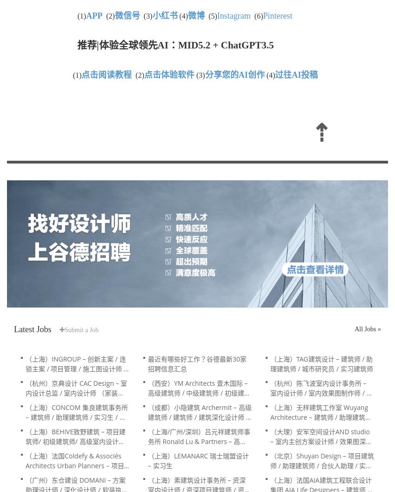  What do you see at coordinates (234, 16) in the screenshot?
I see `'nstagram'` at bounding box center [234, 16].